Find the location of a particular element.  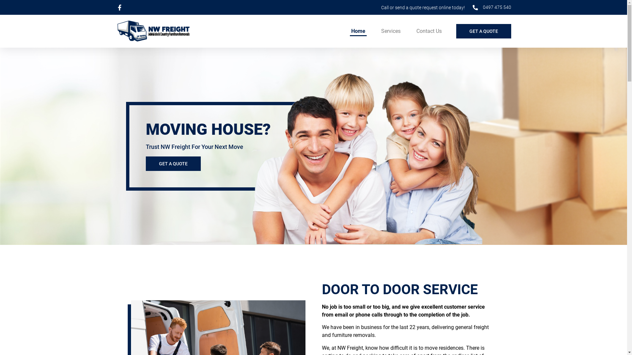

'Services' is located at coordinates (391, 31).